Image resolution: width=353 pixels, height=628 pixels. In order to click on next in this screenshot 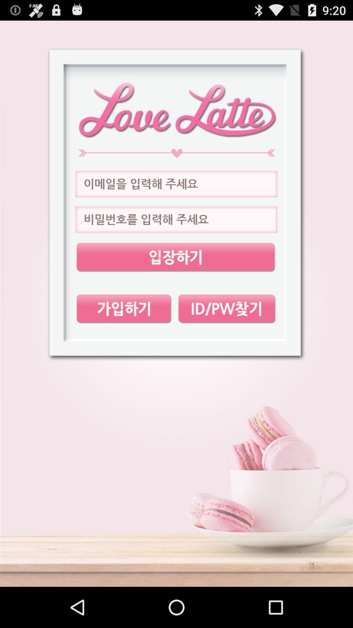, I will do `click(176, 184)`.